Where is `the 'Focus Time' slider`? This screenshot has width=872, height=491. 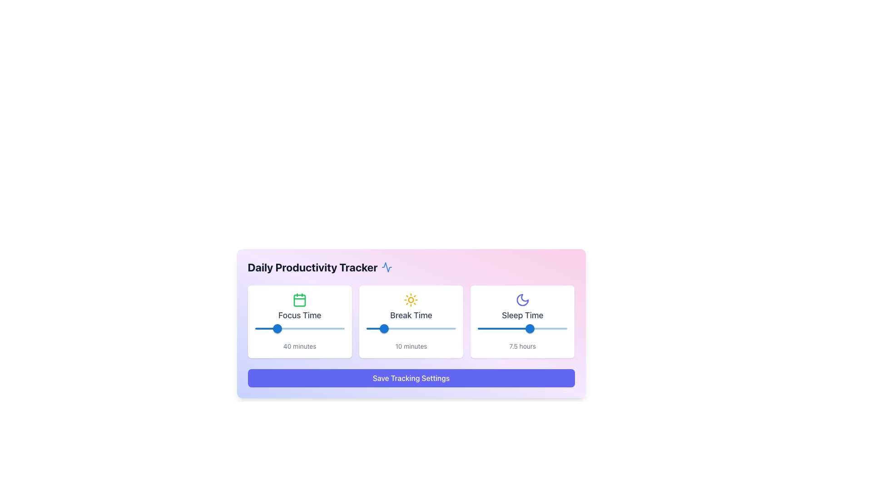
the 'Focus Time' slider is located at coordinates (245, 327).